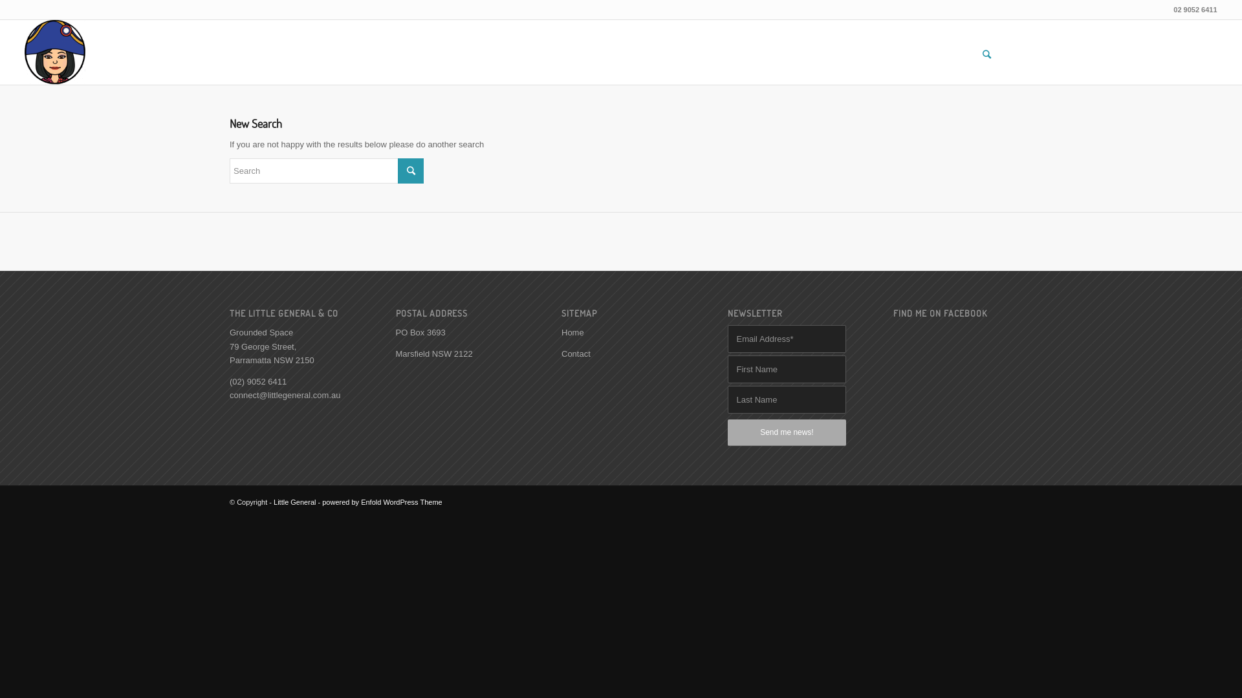 Image resolution: width=1242 pixels, height=698 pixels. I want to click on 'connect@littlegeneral.com.au', so click(284, 394).